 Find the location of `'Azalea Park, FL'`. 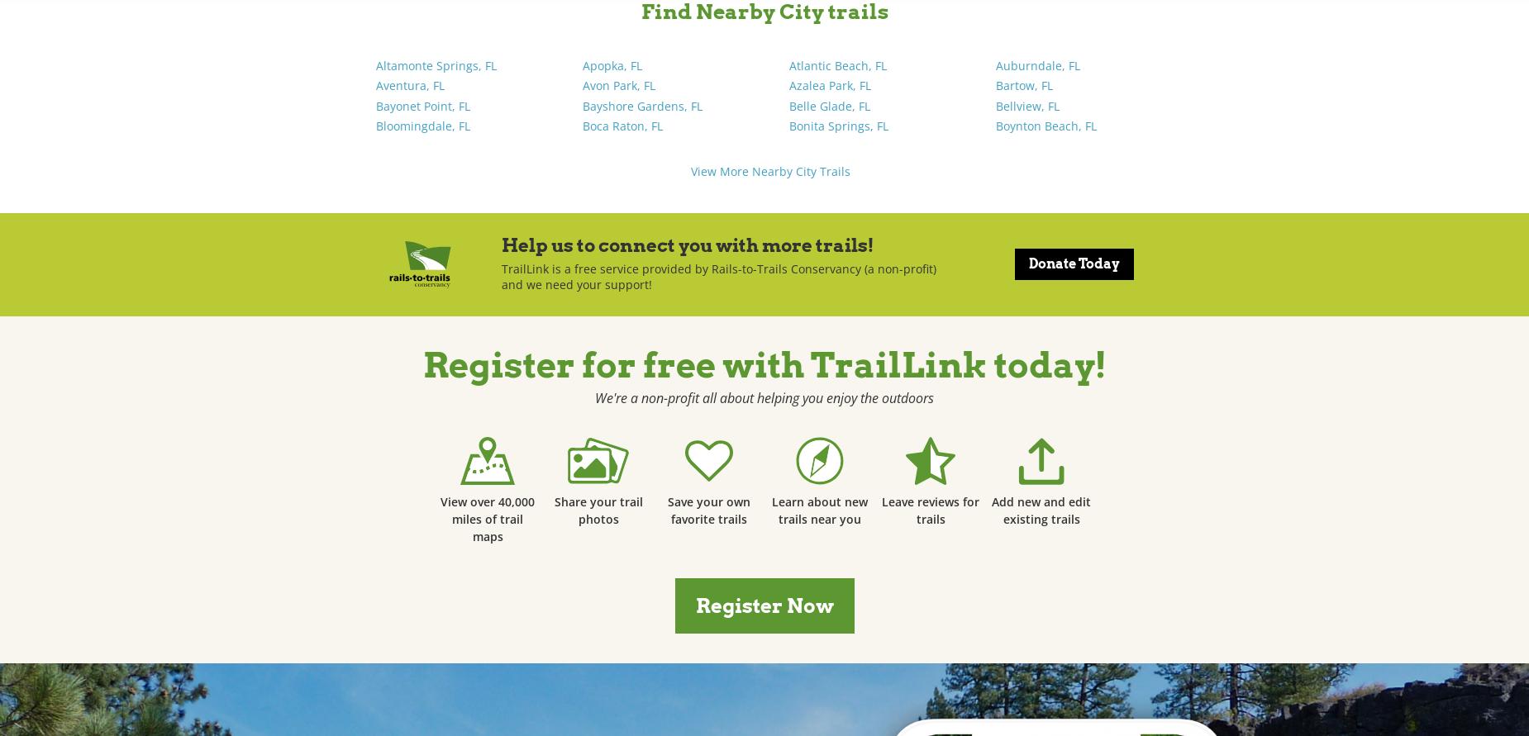

'Azalea Park, FL' is located at coordinates (829, 84).